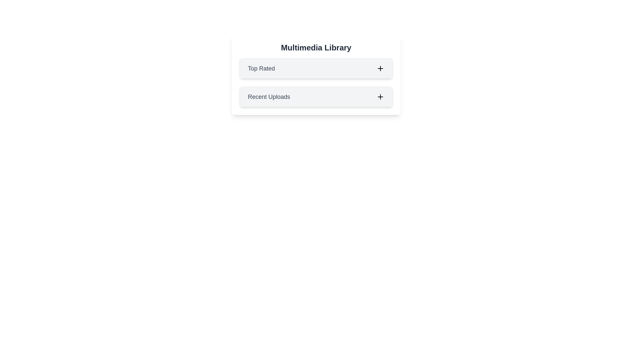 The height and width of the screenshot is (356, 633). What do you see at coordinates (316, 69) in the screenshot?
I see `the header of the category Top Rated to toggle its expanded state` at bounding box center [316, 69].